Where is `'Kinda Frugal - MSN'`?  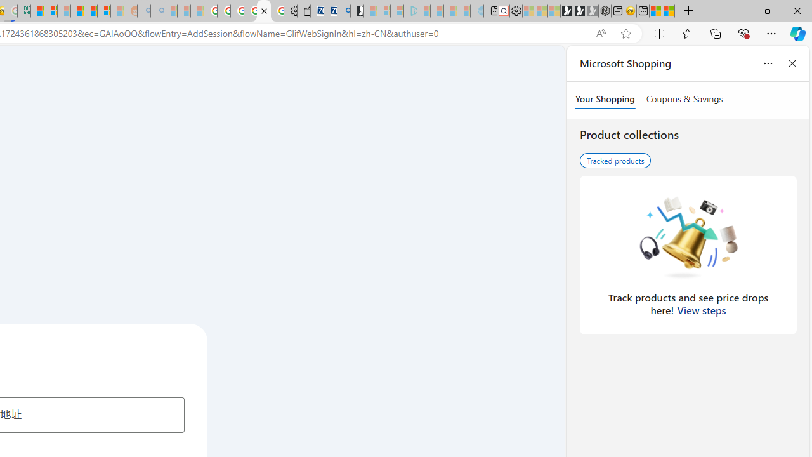
'Kinda Frugal - MSN' is located at coordinates (90, 11).